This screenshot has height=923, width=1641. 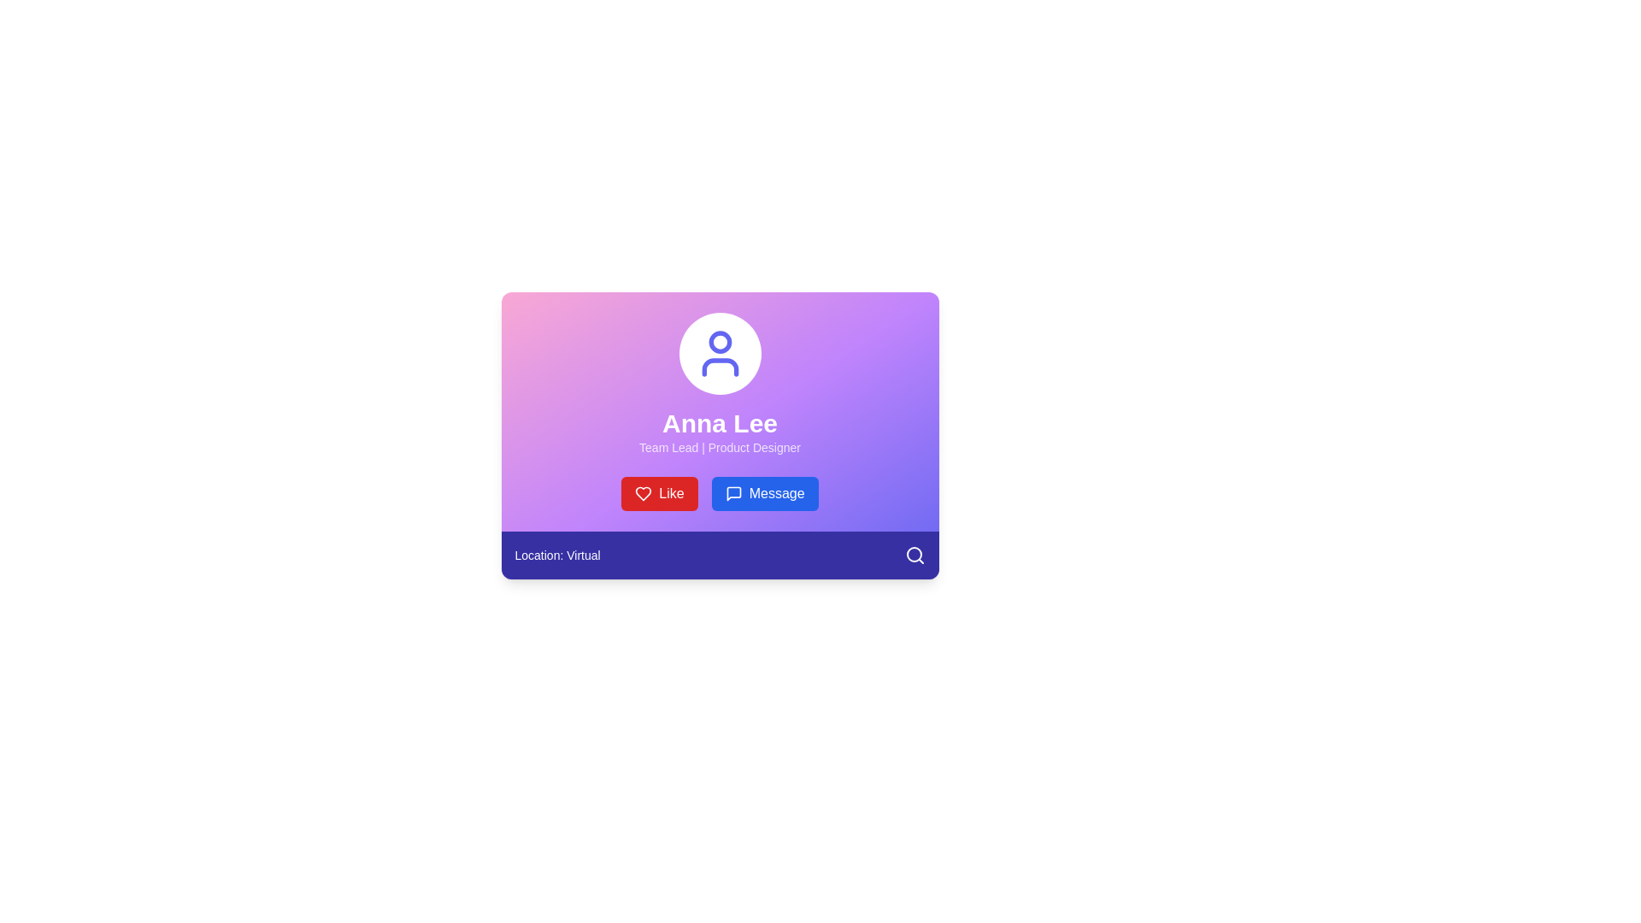 I want to click on the circular component of the magnifying glass icon located in the lower right corner of the purple bar at the bottom of the card, so click(x=913, y=554).